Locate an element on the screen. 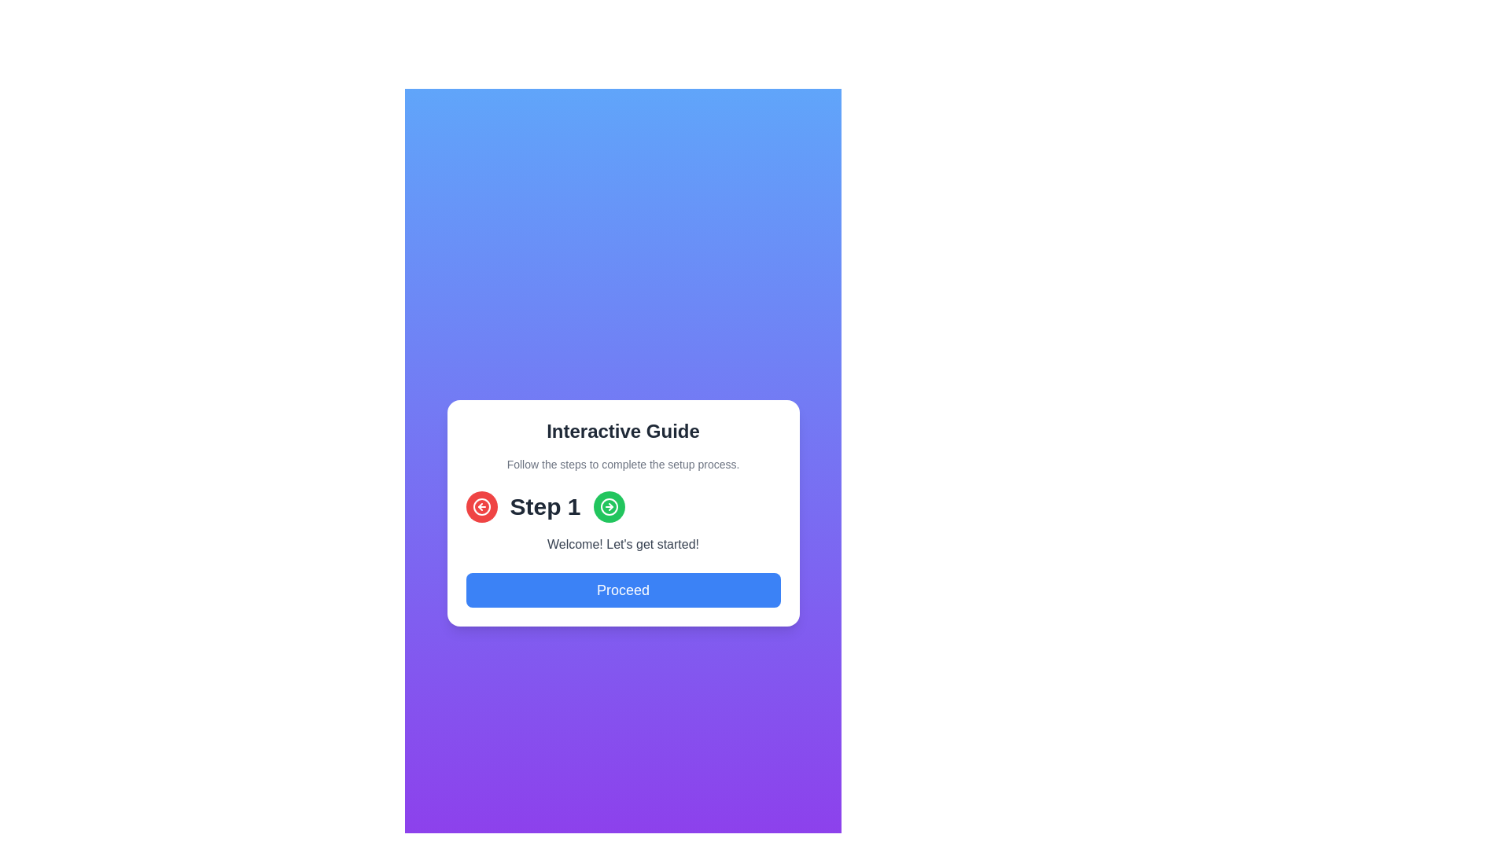 Image resolution: width=1510 pixels, height=849 pixels. the graphical icon component located on the left side of the main content area, near the Step 1 heading in the 'Interactive Guide' dialog box, by clicking on it is located at coordinates (481, 506).